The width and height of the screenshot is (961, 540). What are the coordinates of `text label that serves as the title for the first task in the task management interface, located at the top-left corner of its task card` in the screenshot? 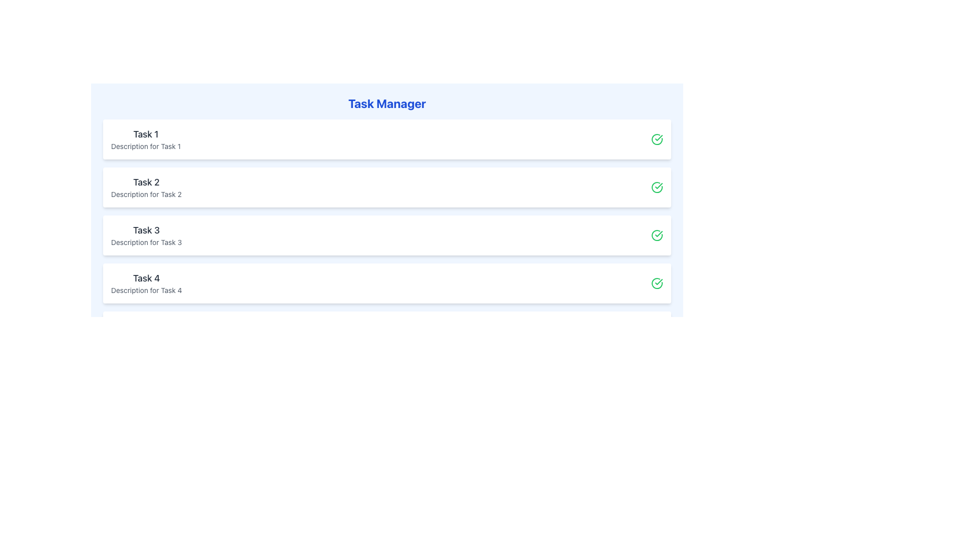 It's located at (145, 134).